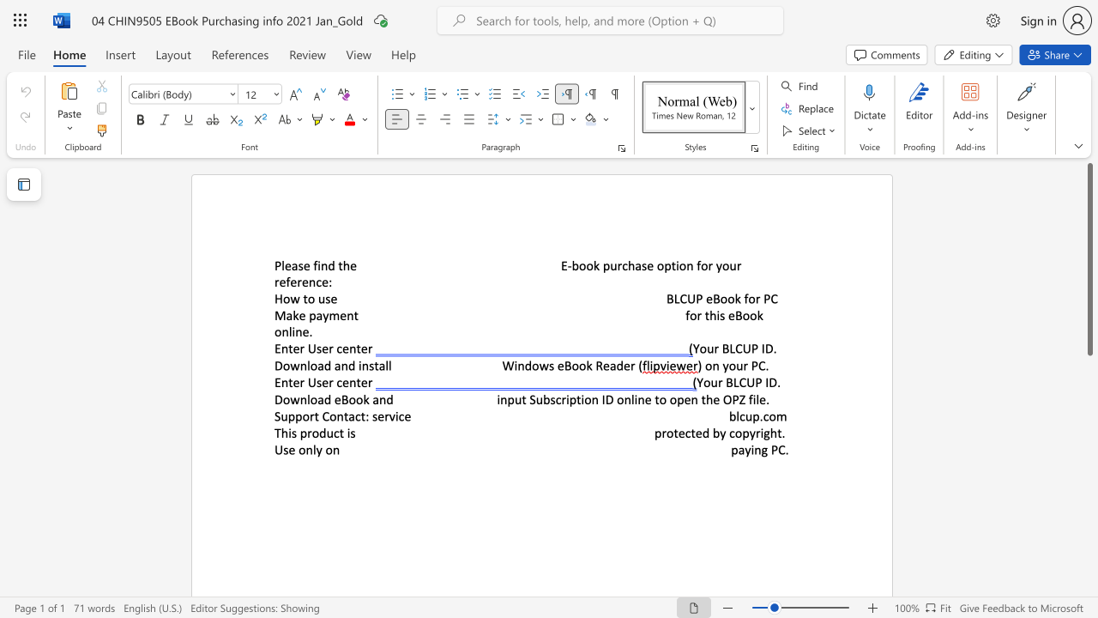 This screenshot has height=618, width=1098. I want to click on the 2th character "e" in the text, so click(606, 365).